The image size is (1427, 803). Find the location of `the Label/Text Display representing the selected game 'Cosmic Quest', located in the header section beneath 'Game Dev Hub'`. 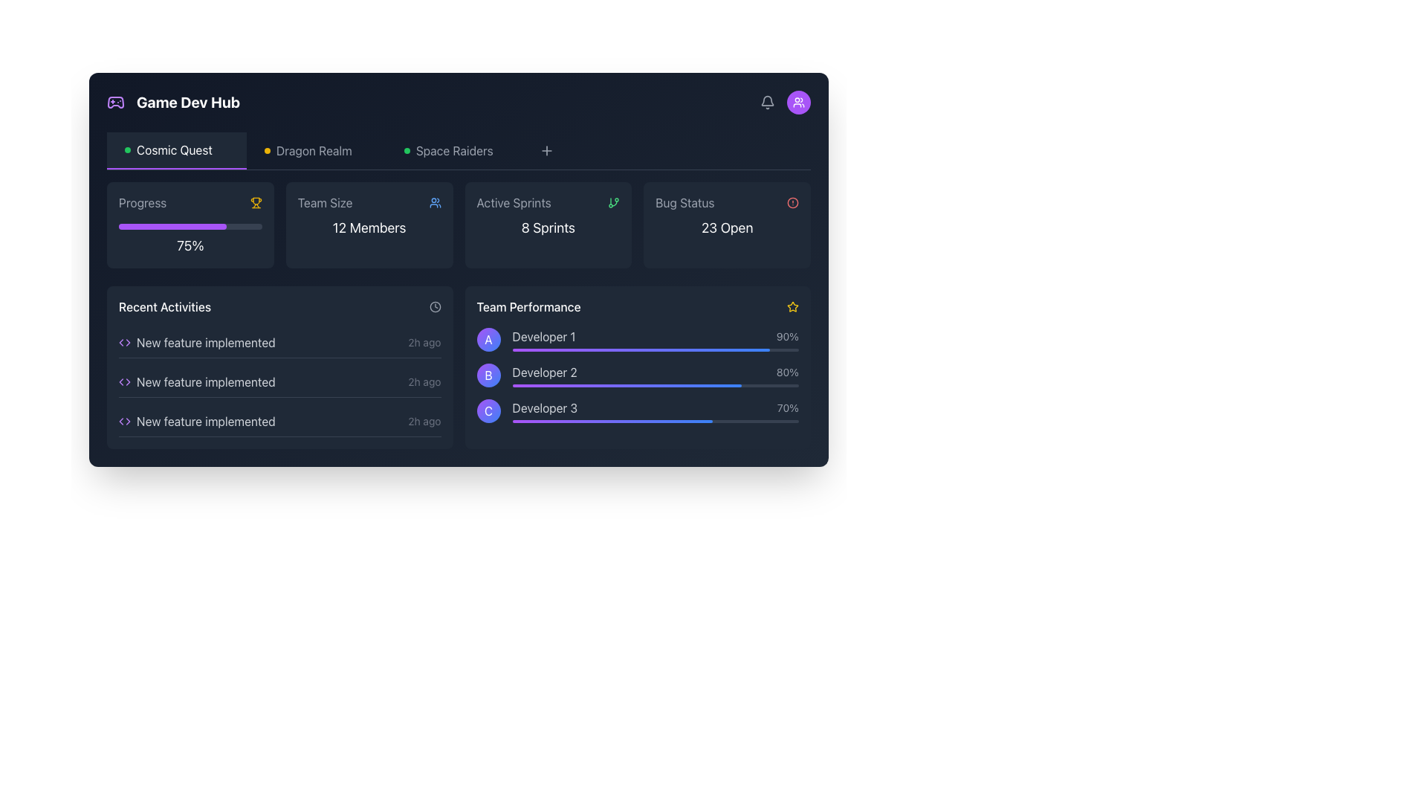

the Label/Text Display representing the selected game 'Cosmic Quest', located in the header section beneath 'Game Dev Hub' is located at coordinates (168, 149).